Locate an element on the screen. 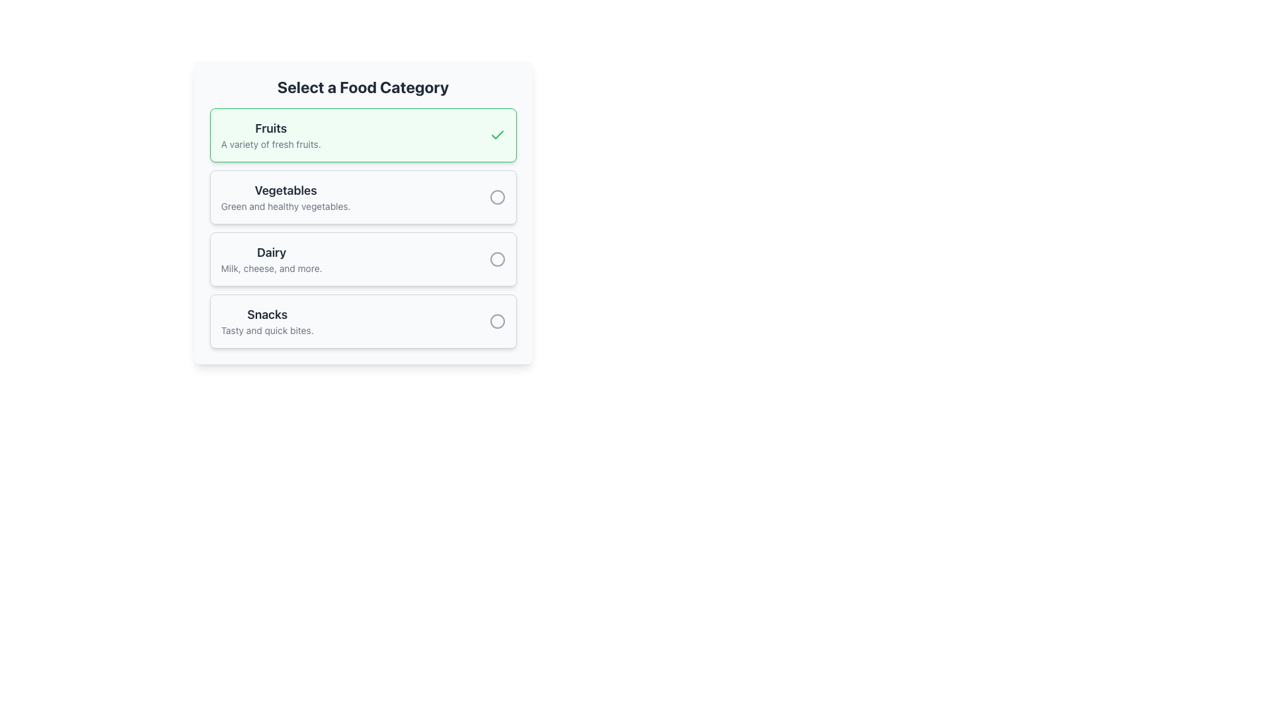 Image resolution: width=1269 pixels, height=713 pixels. the title text of the 'Vegetables' food category card, which is located above the description 'Green and healthy vegetables' in the second card of the food categories list is located at coordinates (285, 191).